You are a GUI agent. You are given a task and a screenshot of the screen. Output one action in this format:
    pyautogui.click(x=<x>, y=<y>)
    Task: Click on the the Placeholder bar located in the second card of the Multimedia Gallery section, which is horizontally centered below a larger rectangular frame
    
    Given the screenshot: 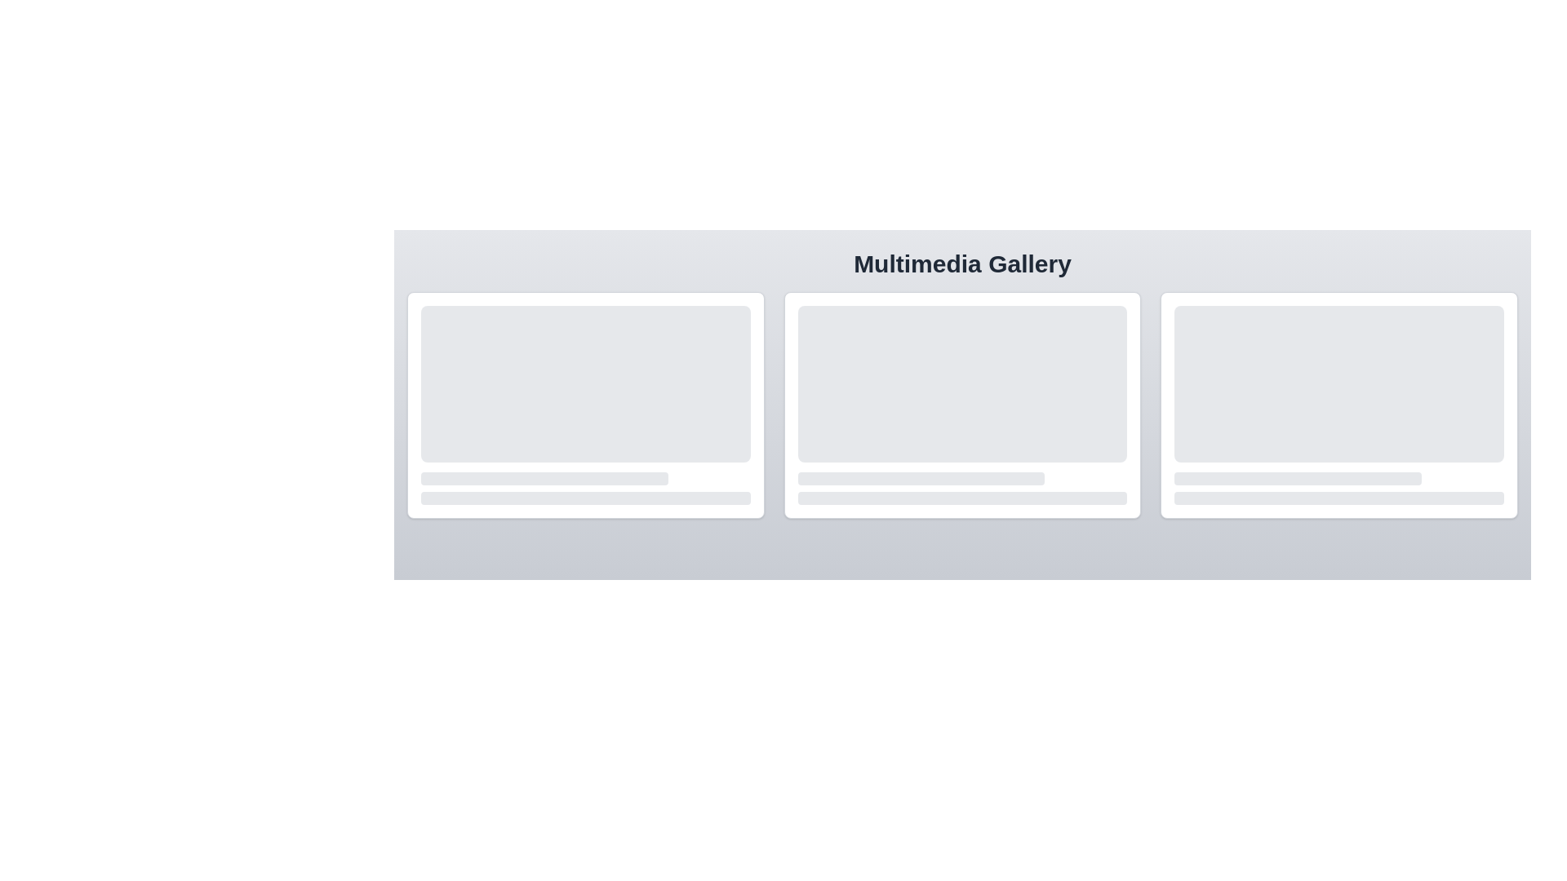 What is the action you would take?
    pyautogui.click(x=921, y=477)
    